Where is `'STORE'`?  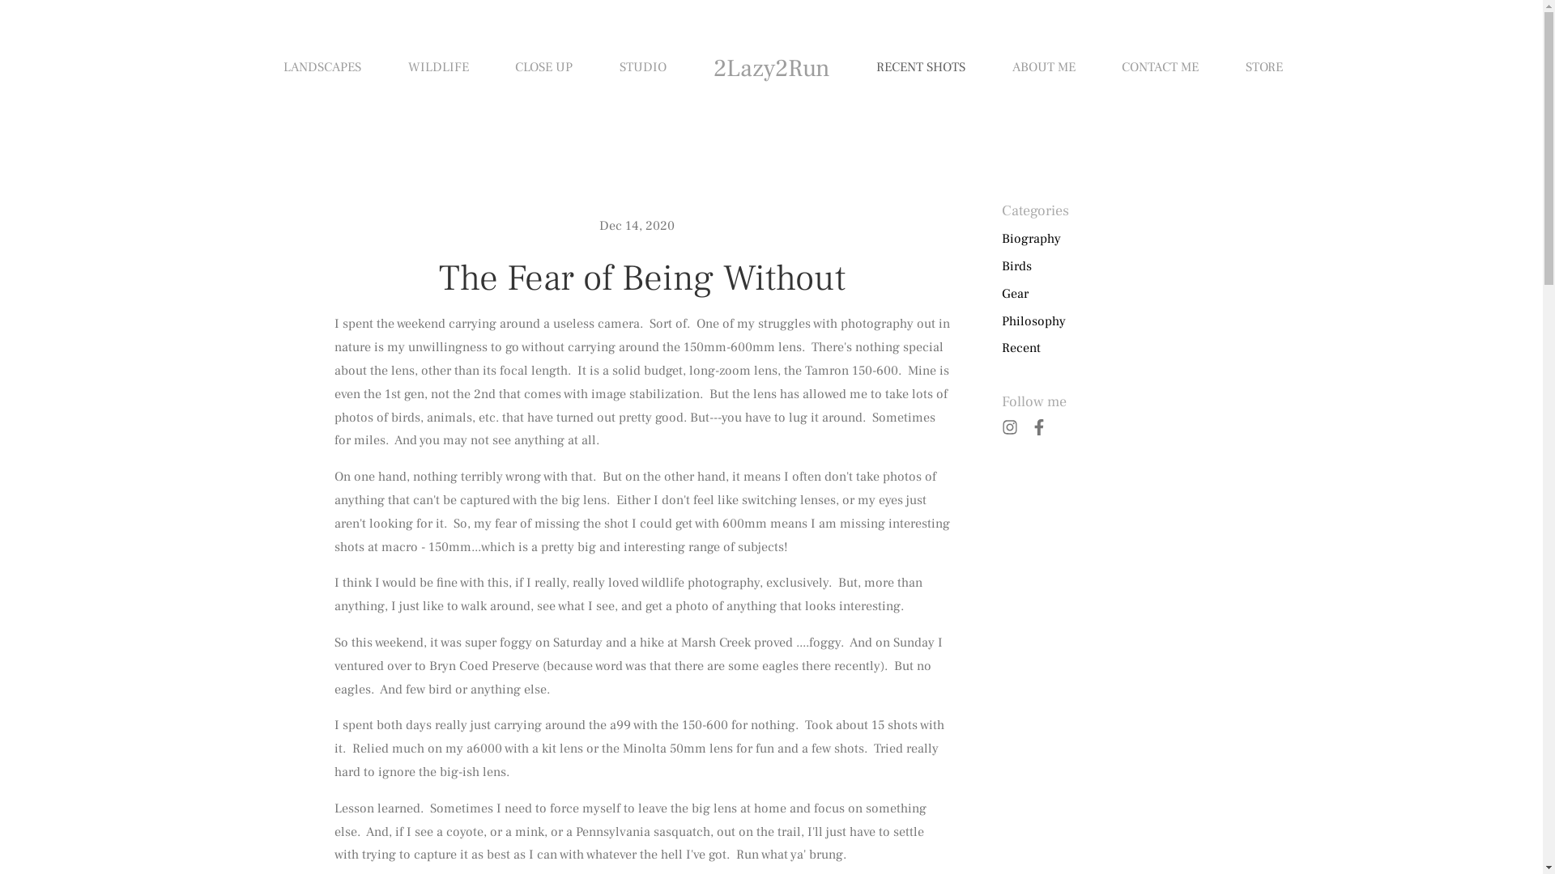
'STORE' is located at coordinates (1263, 67).